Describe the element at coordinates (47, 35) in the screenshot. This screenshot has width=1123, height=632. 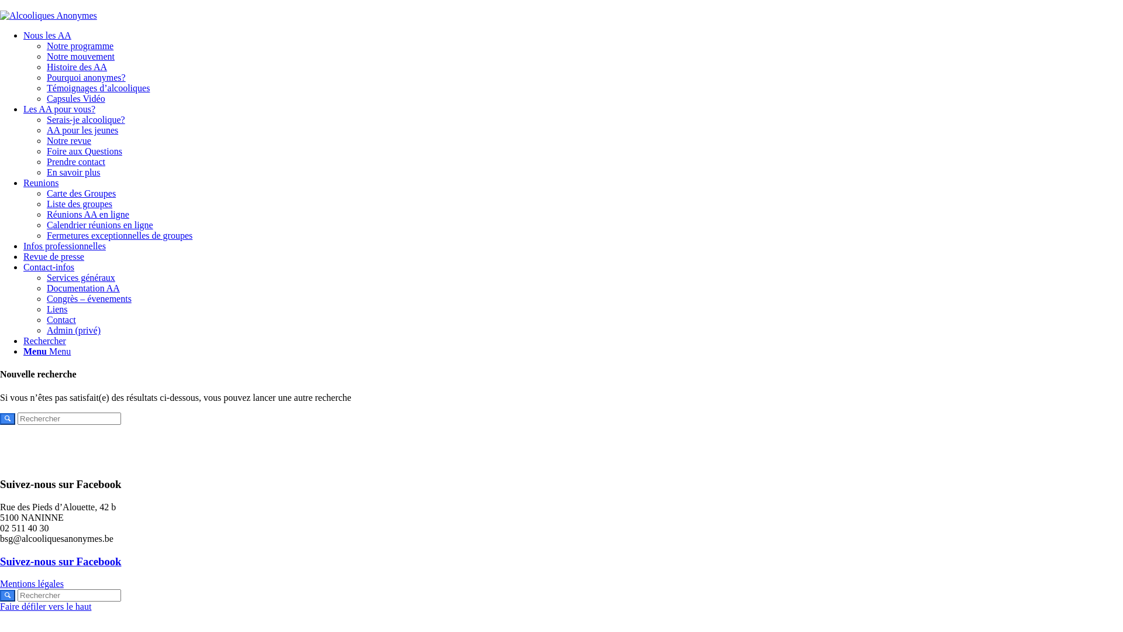
I see `'Nous les AA'` at that location.